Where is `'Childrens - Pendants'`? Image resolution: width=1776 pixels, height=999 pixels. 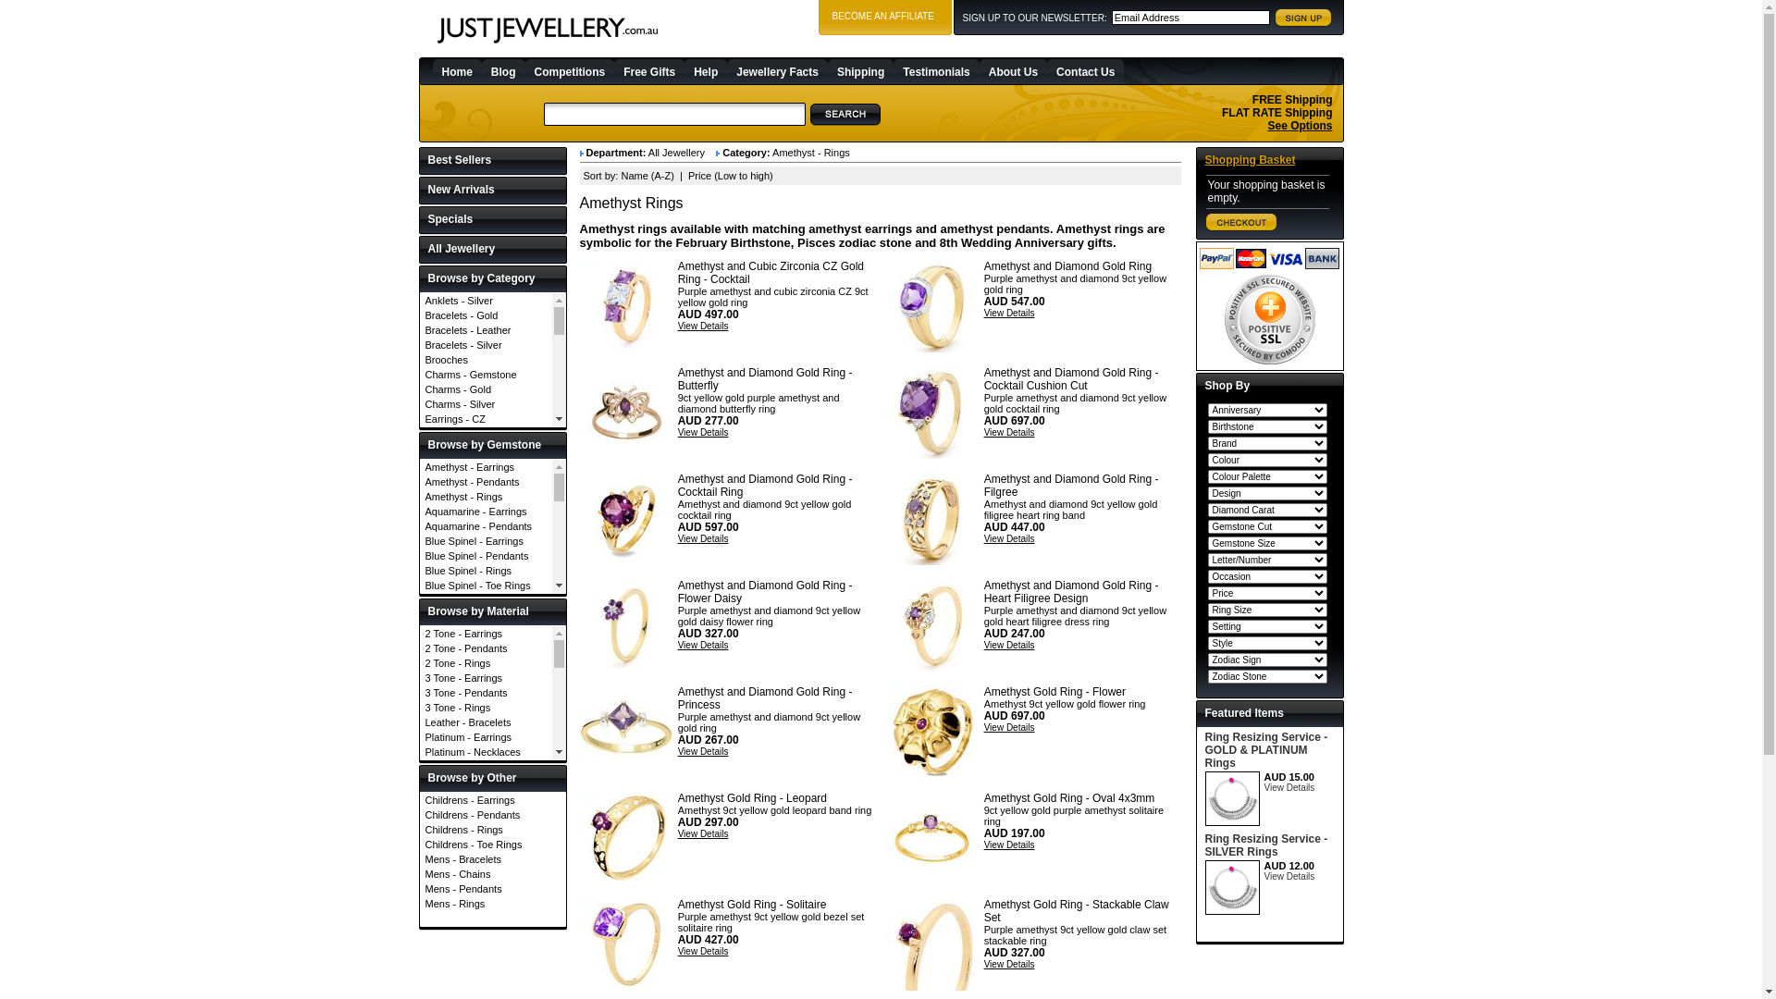 'Childrens - Pendants' is located at coordinates (419, 813).